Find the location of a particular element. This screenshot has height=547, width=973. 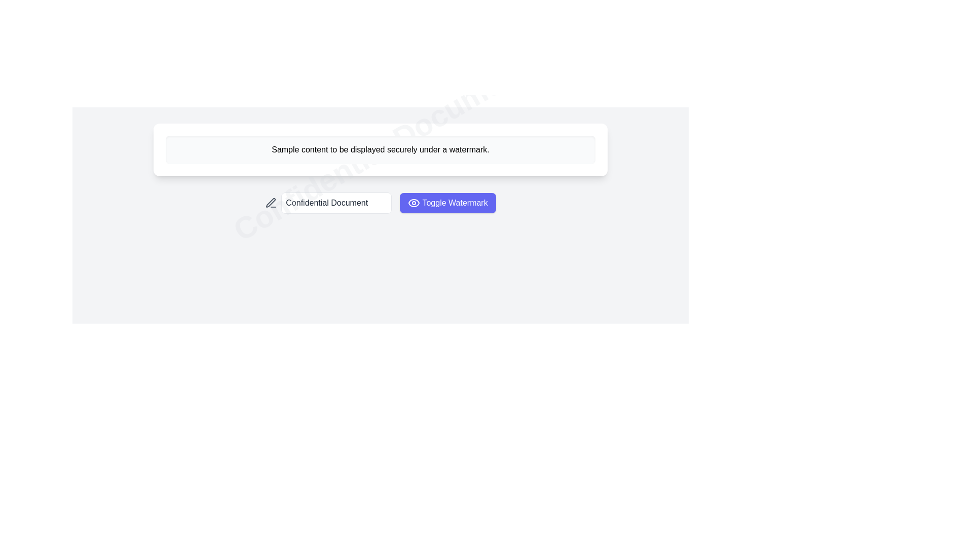

the eye-shaped icon integrated into the 'Toggle Watermark' button, which has a vibrant indigo background and rounded corners is located at coordinates (414, 203).